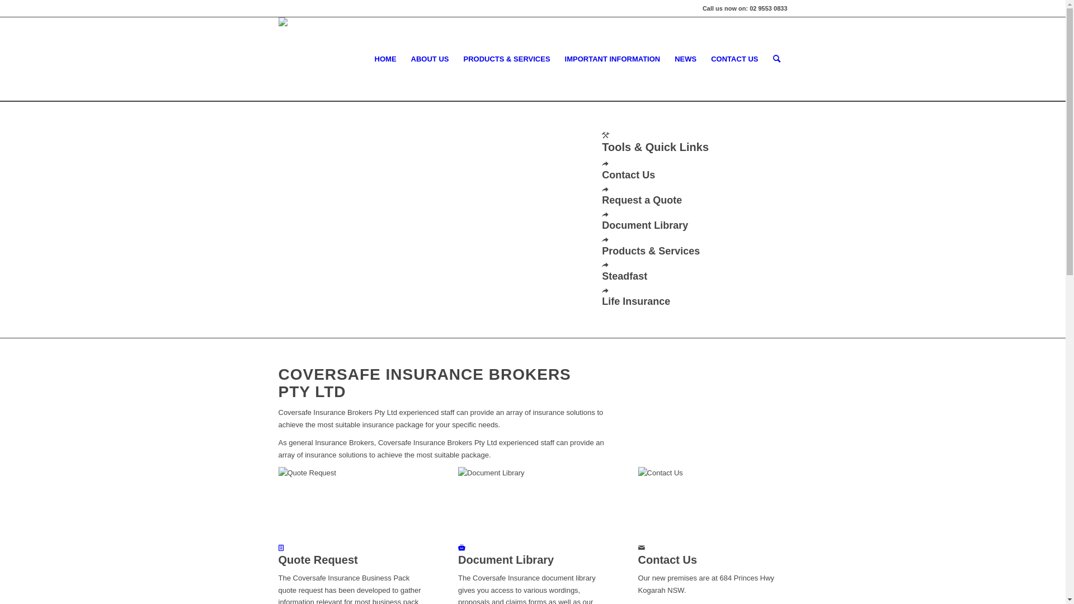  What do you see at coordinates (281, 547) in the screenshot?
I see `'Quote Request'` at bounding box center [281, 547].